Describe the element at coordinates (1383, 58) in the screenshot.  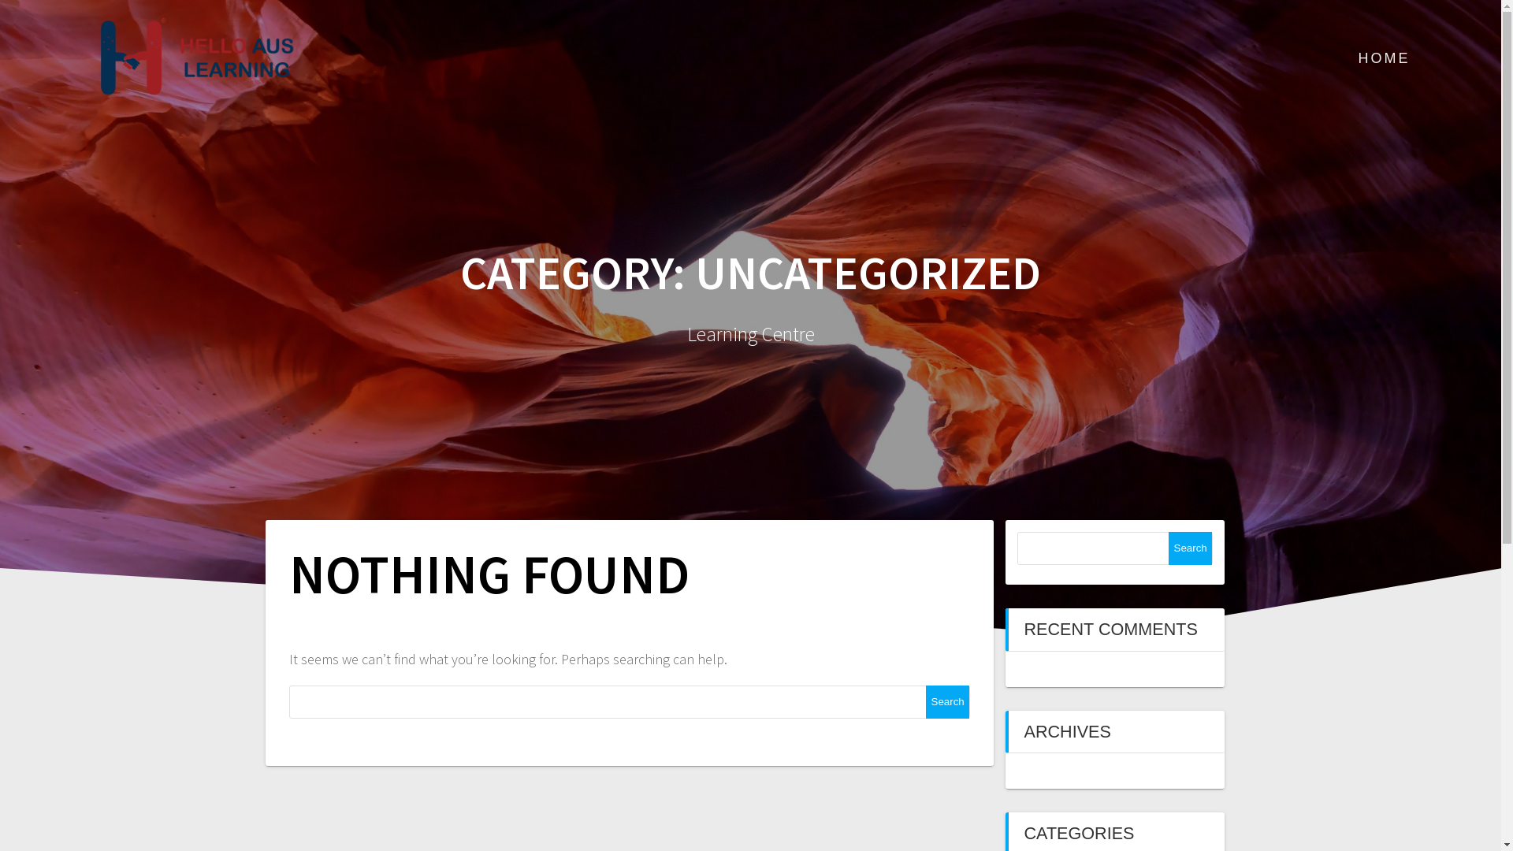
I see `'HOME'` at that location.